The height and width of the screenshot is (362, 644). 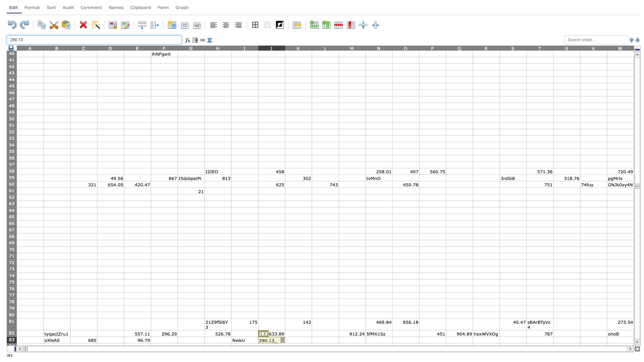 I want to click on Place cursor on right border of K83, so click(x=312, y=340).